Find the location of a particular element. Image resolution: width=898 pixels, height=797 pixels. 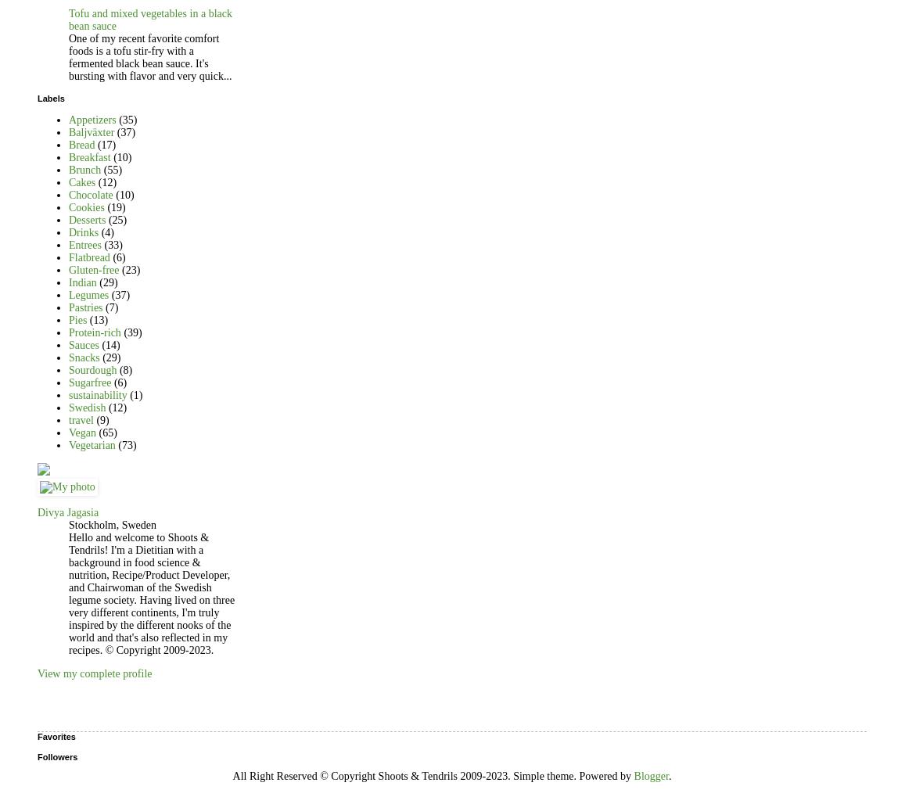

'Followers' is located at coordinates (57, 756).